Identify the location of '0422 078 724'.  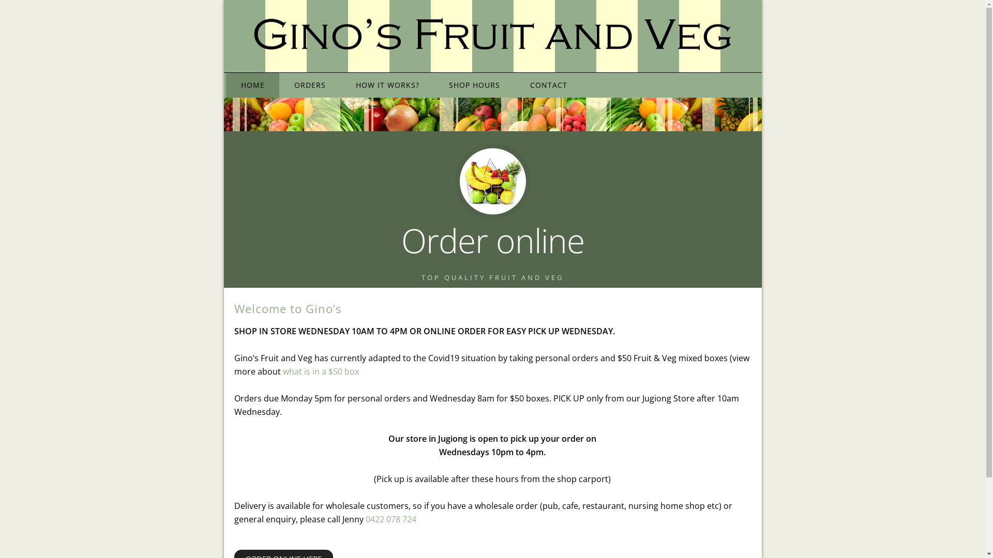
(390, 519).